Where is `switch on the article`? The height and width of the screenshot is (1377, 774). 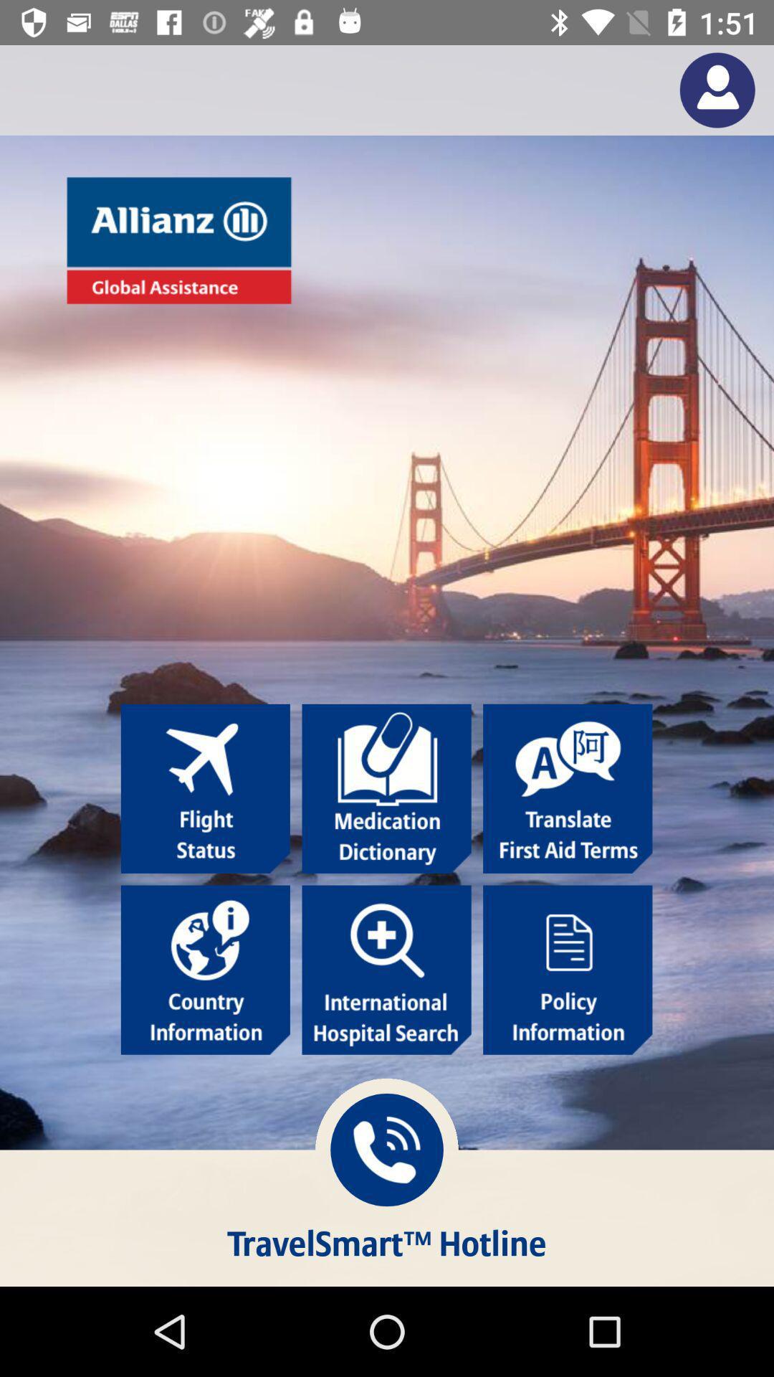 switch on the article is located at coordinates (205, 970).